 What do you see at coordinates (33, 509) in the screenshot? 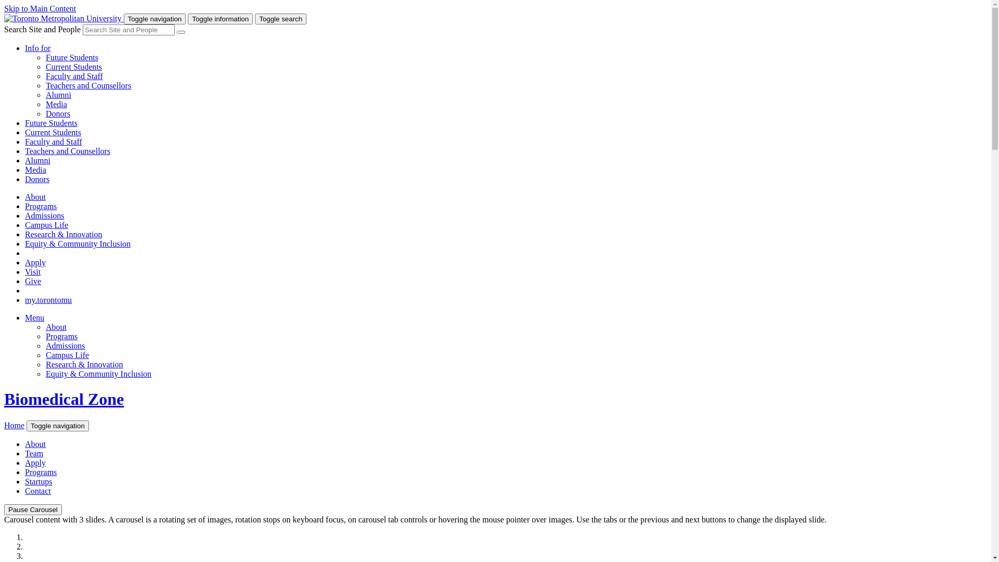
I see `'Pause Carousel'` at bounding box center [33, 509].